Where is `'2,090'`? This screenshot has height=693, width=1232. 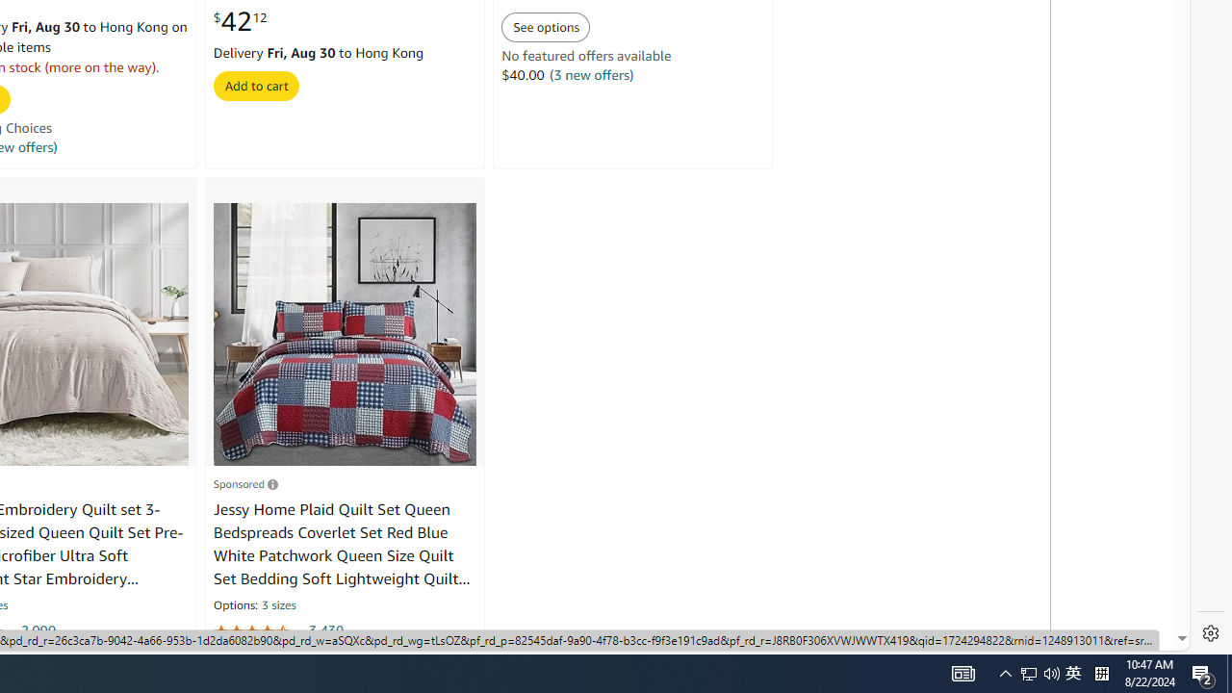 '2,090' is located at coordinates (38, 630).